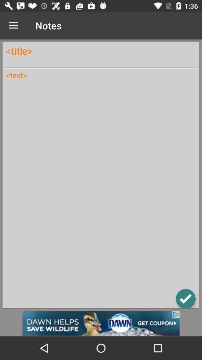 This screenshot has width=202, height=360. Describe the element at coordinates (185, 298) in the screenshot. I see `the check icon` at that location.